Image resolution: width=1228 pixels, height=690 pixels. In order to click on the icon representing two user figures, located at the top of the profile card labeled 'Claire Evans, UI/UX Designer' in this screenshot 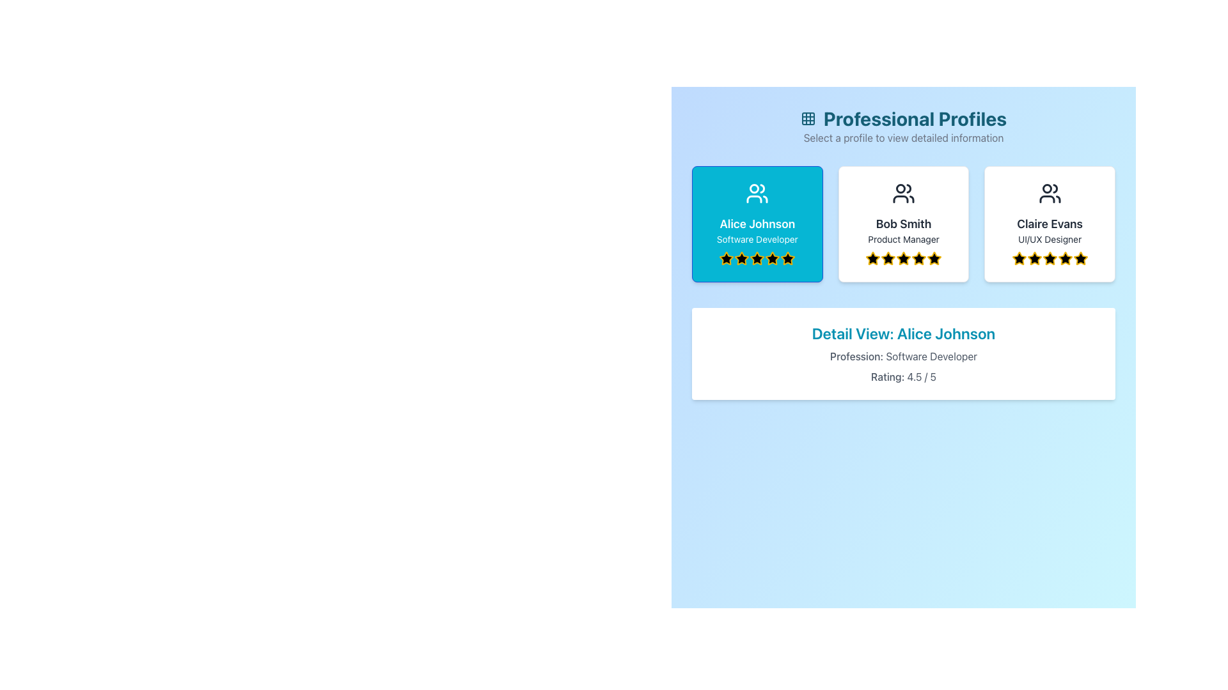, I will do `click(1050, 194)`.